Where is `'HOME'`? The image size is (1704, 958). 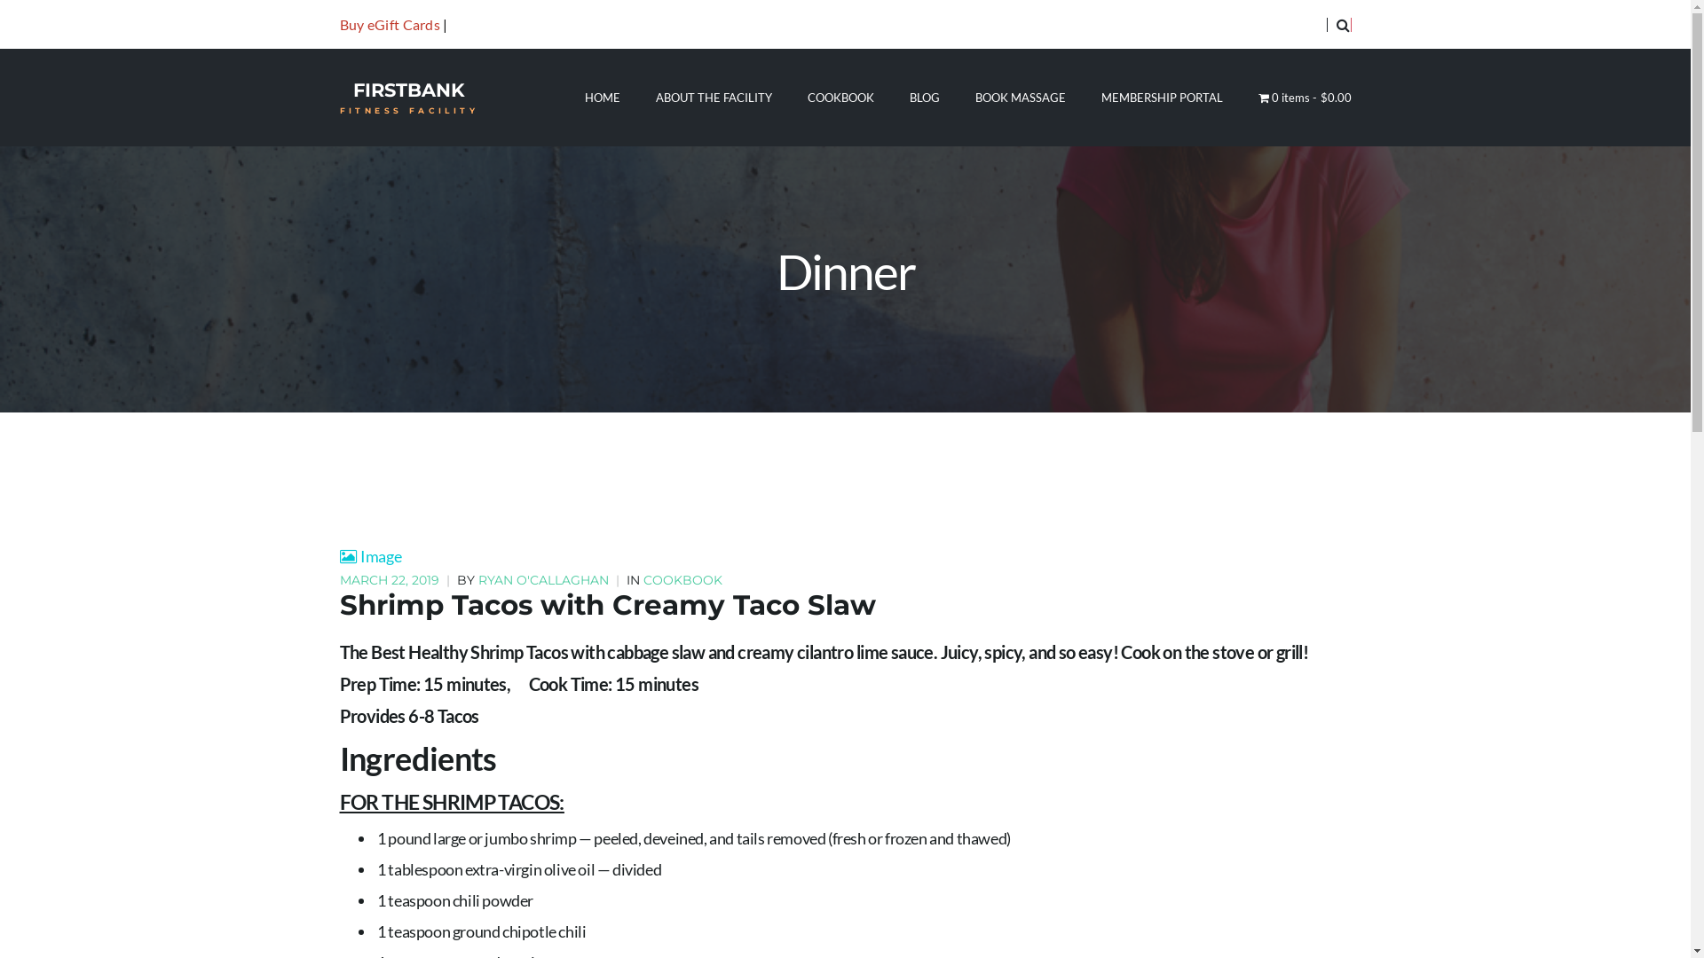 'HOME' is located at coordinates (602, 98).